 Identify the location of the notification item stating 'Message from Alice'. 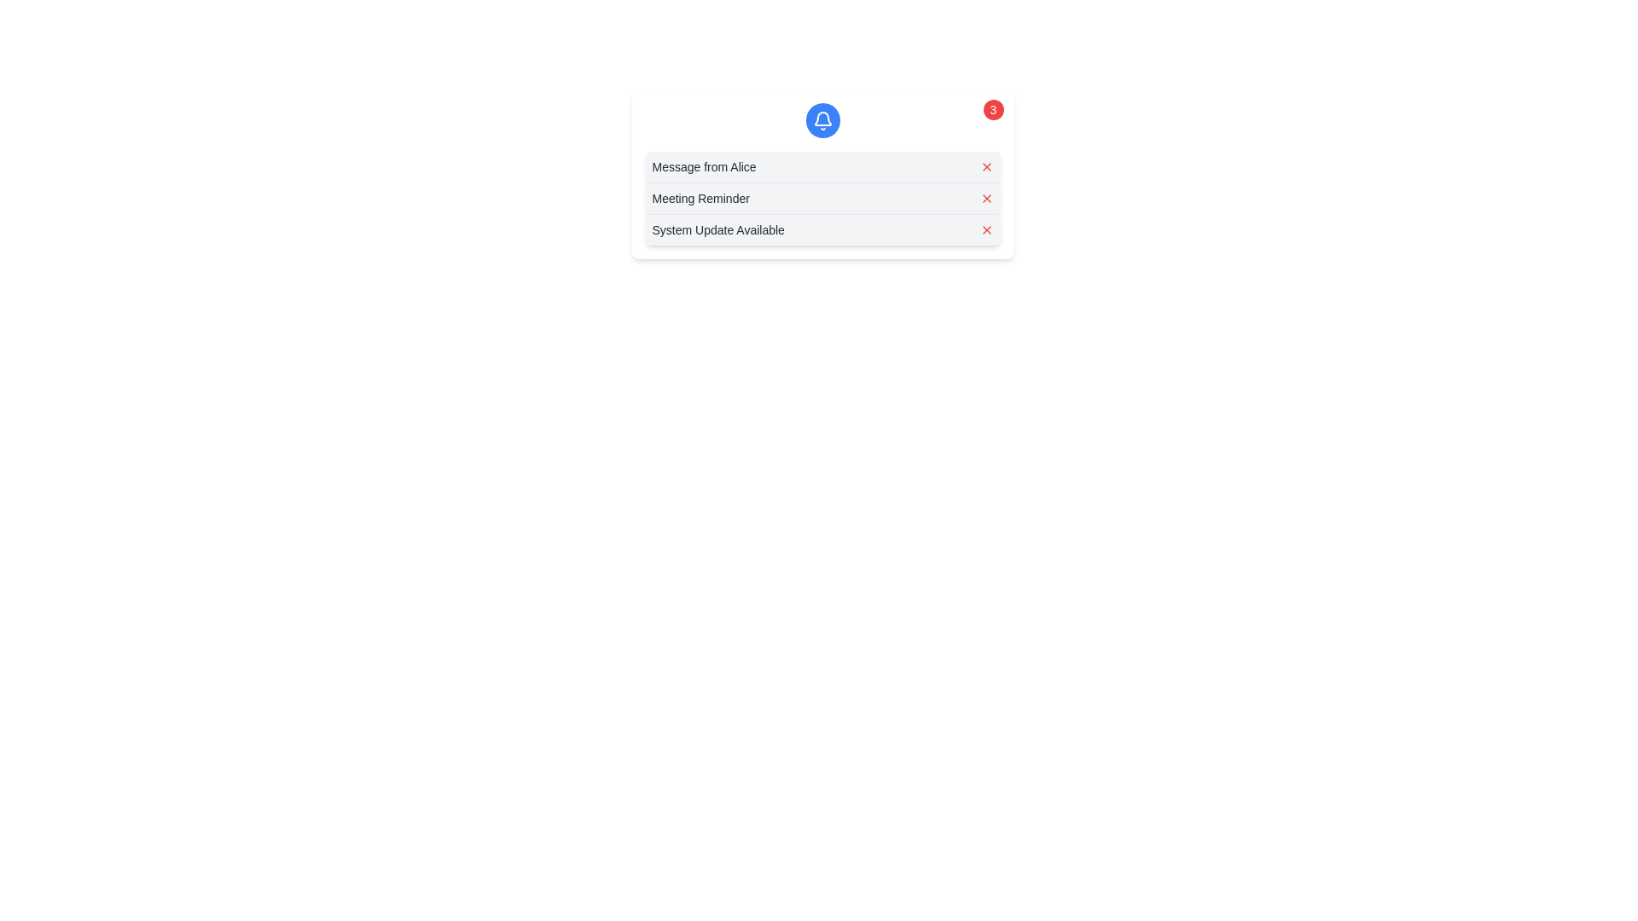
(822, 166).